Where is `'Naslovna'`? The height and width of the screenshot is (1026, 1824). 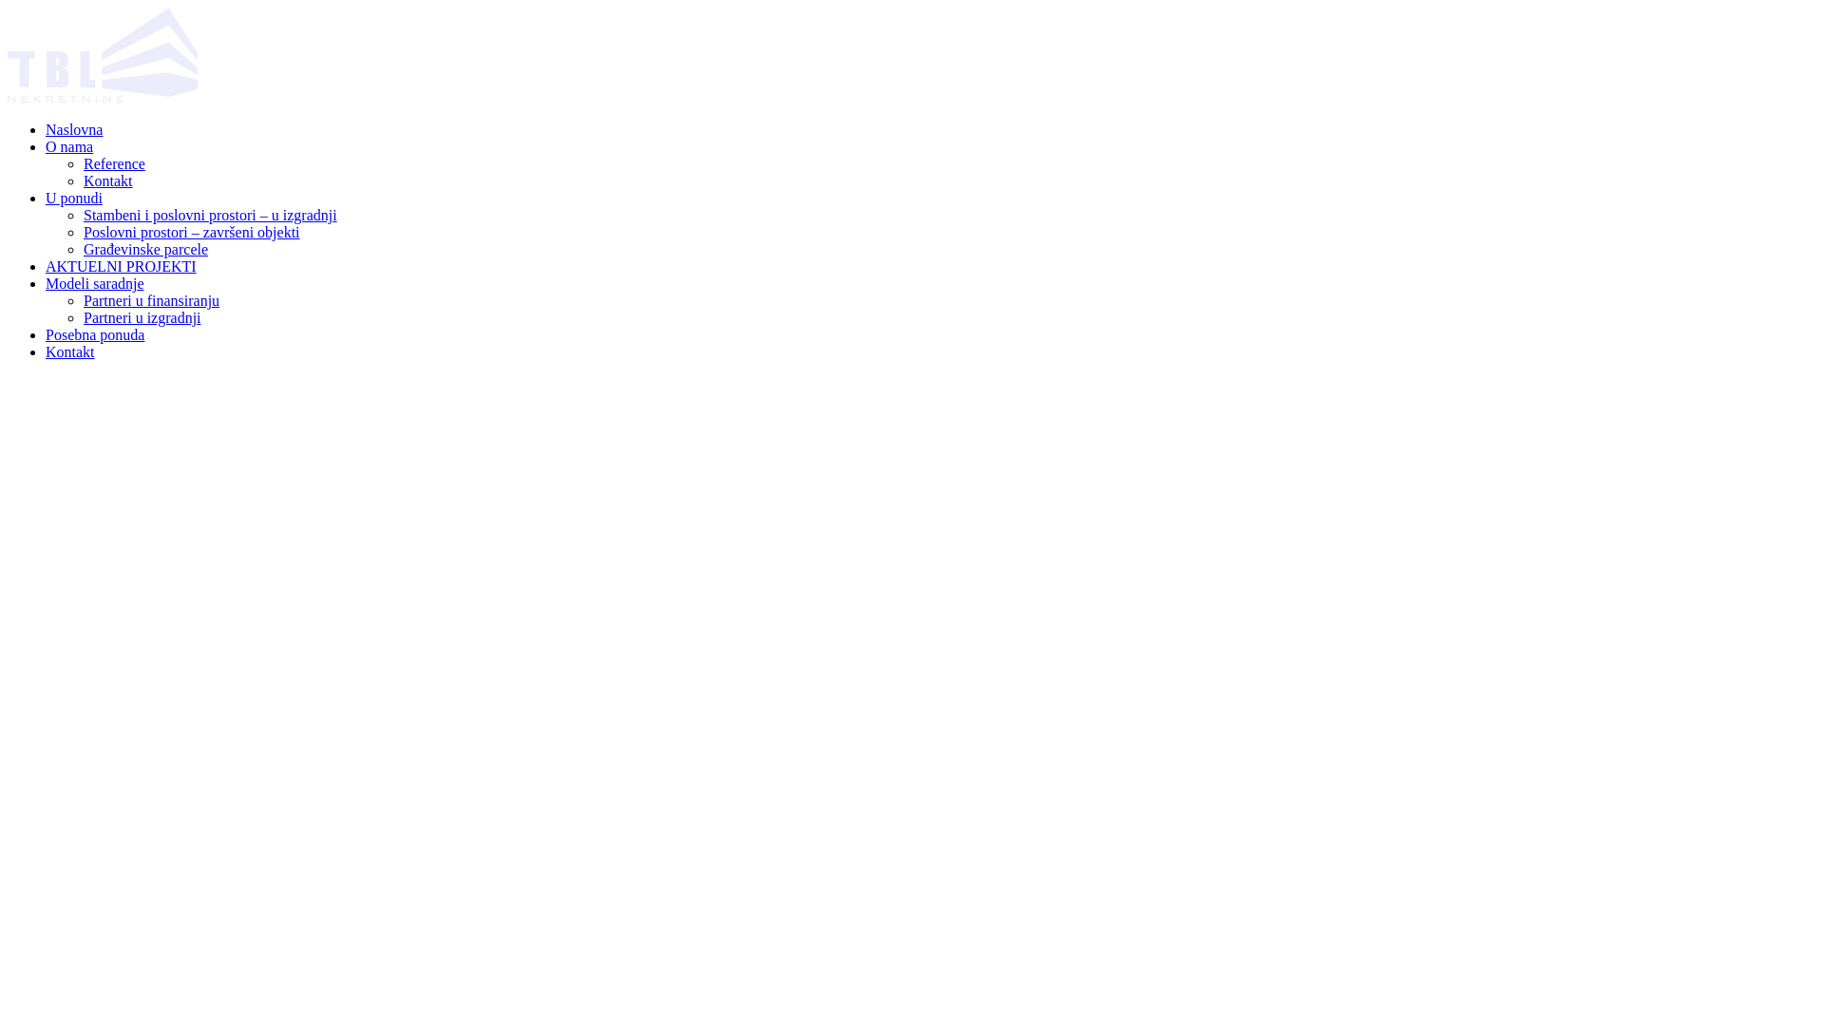
'Naslovna' is located at coordinates (73, 128).